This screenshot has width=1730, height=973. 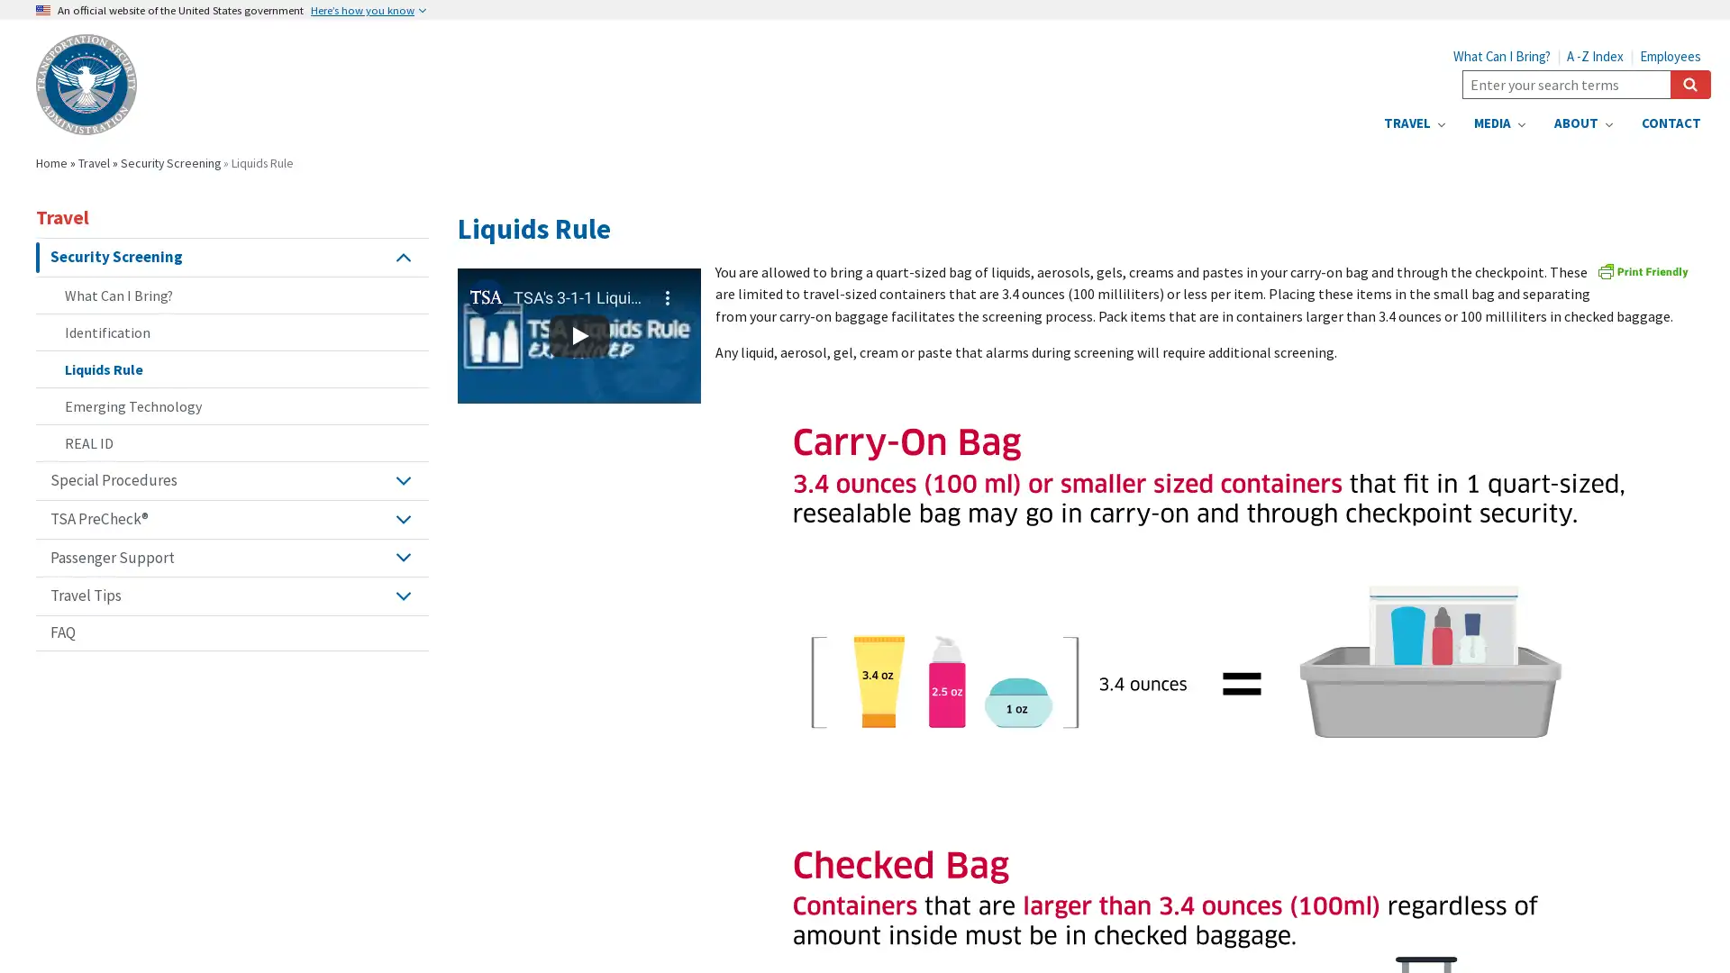 I want to click on Toggle submenu for 'Security Screening', so click(x=402, y=257).